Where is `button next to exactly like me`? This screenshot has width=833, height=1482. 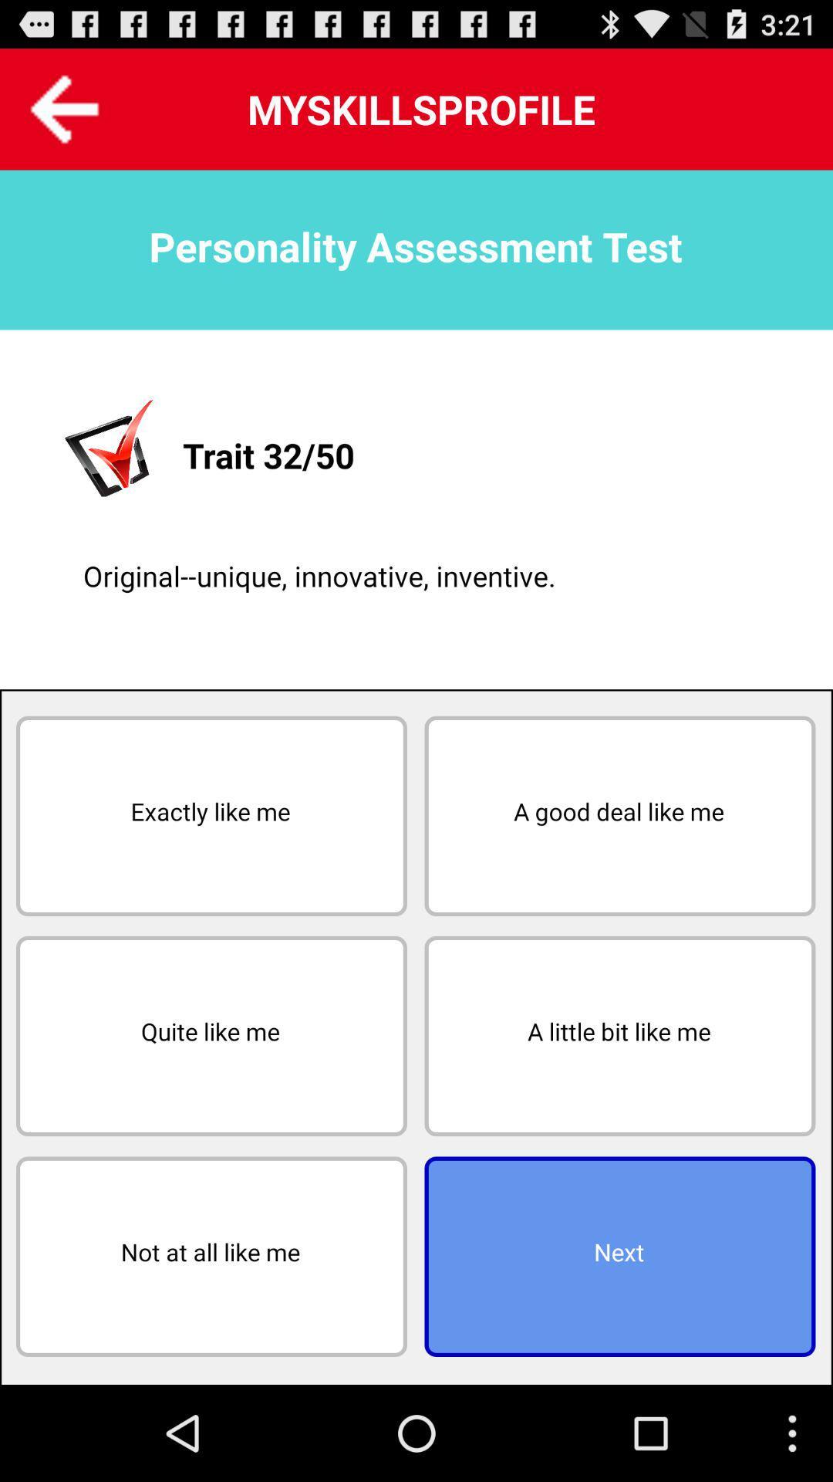
button next to exactly like me is located at coordinates (619, 815).